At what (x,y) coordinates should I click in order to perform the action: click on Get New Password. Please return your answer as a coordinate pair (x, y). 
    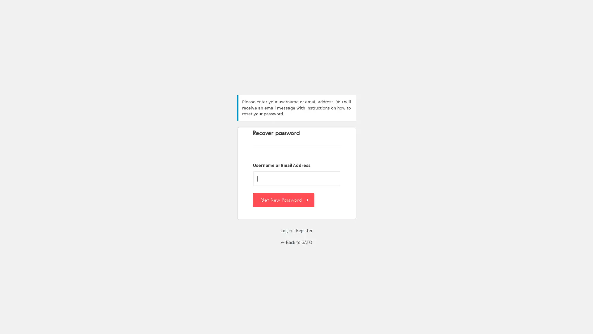
    Looking at the image, I should click on (283, 199).